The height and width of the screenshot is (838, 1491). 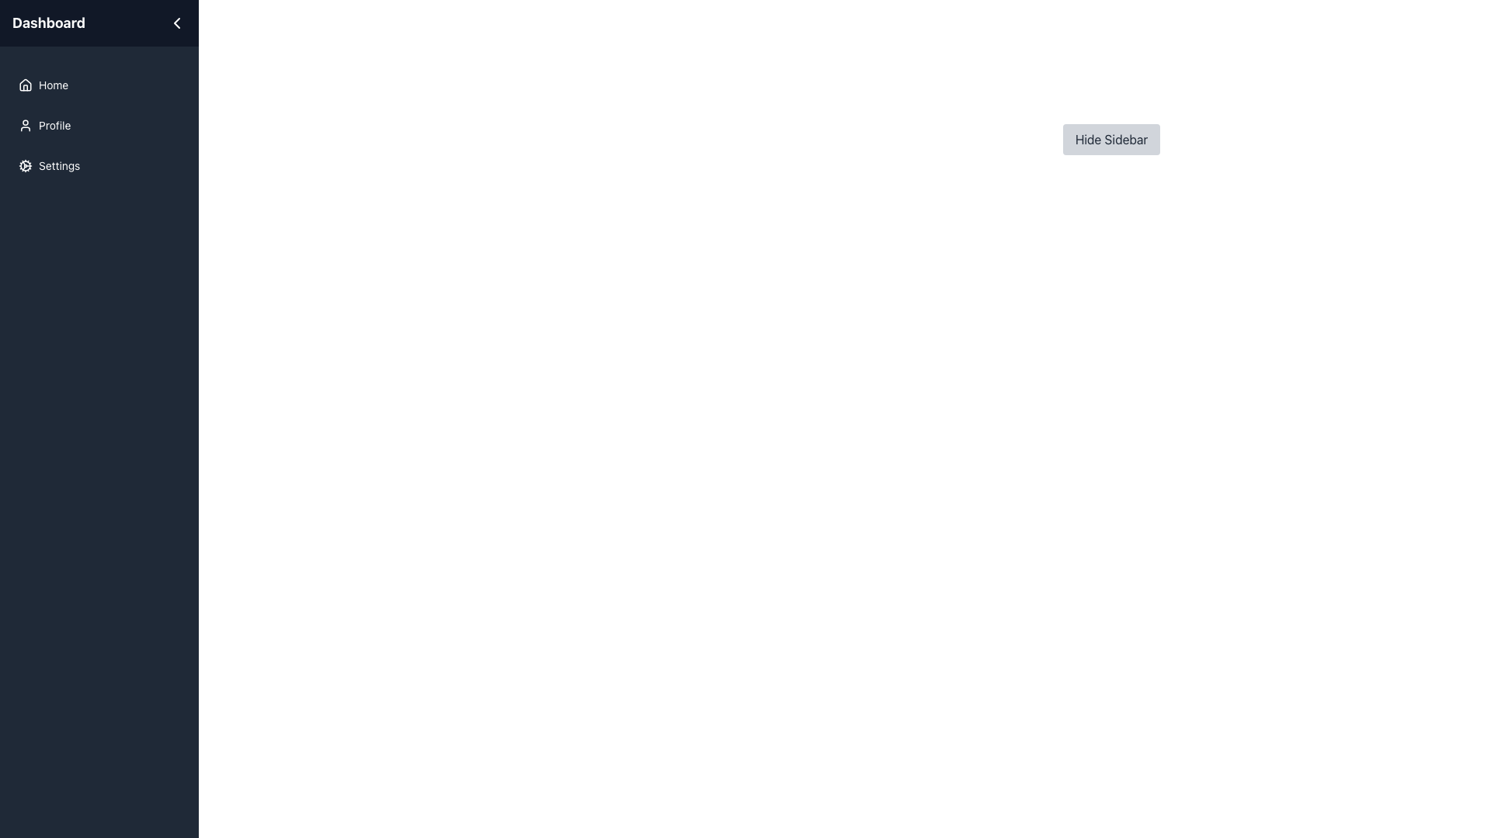 I want to click on the 'Dashboard' text label, so click(x=48, y=23).